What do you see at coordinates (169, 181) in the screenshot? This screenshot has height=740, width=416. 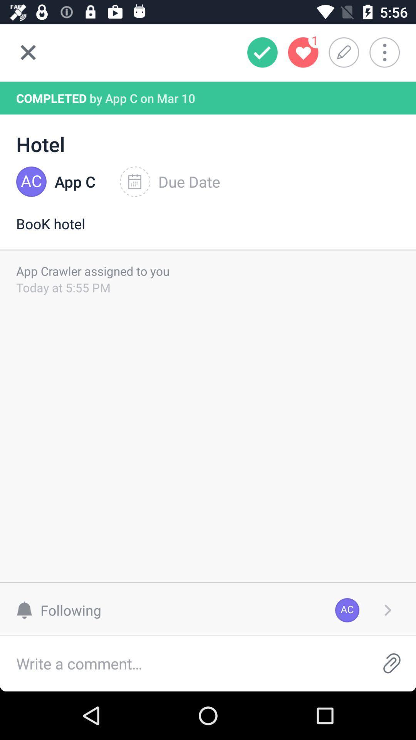 I see `icon below the hotel` at bounding box center [169, 181].